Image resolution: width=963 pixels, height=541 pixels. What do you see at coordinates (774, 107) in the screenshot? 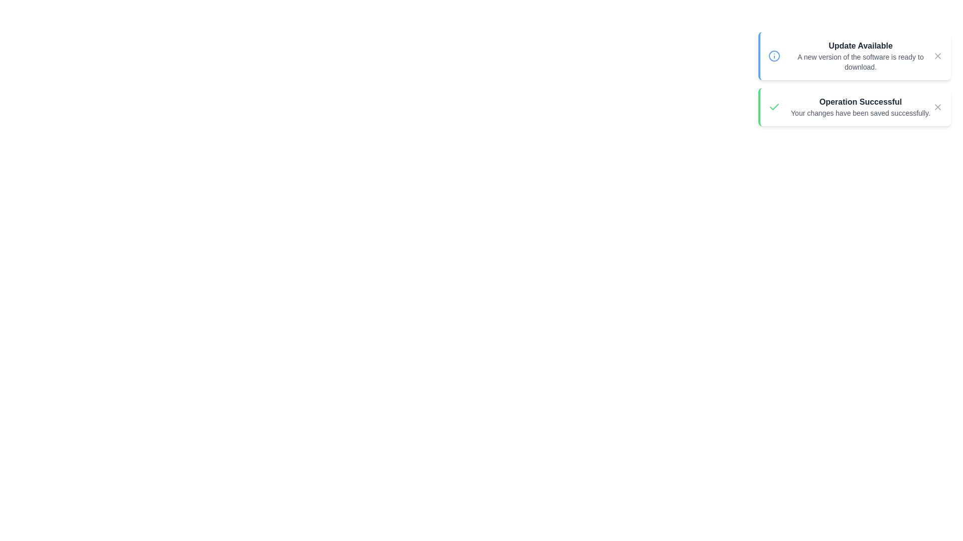
I see `the success icon located at the leftmost position of the notification message labeled 'Operation Successful'` at bounding box center [774, 107].